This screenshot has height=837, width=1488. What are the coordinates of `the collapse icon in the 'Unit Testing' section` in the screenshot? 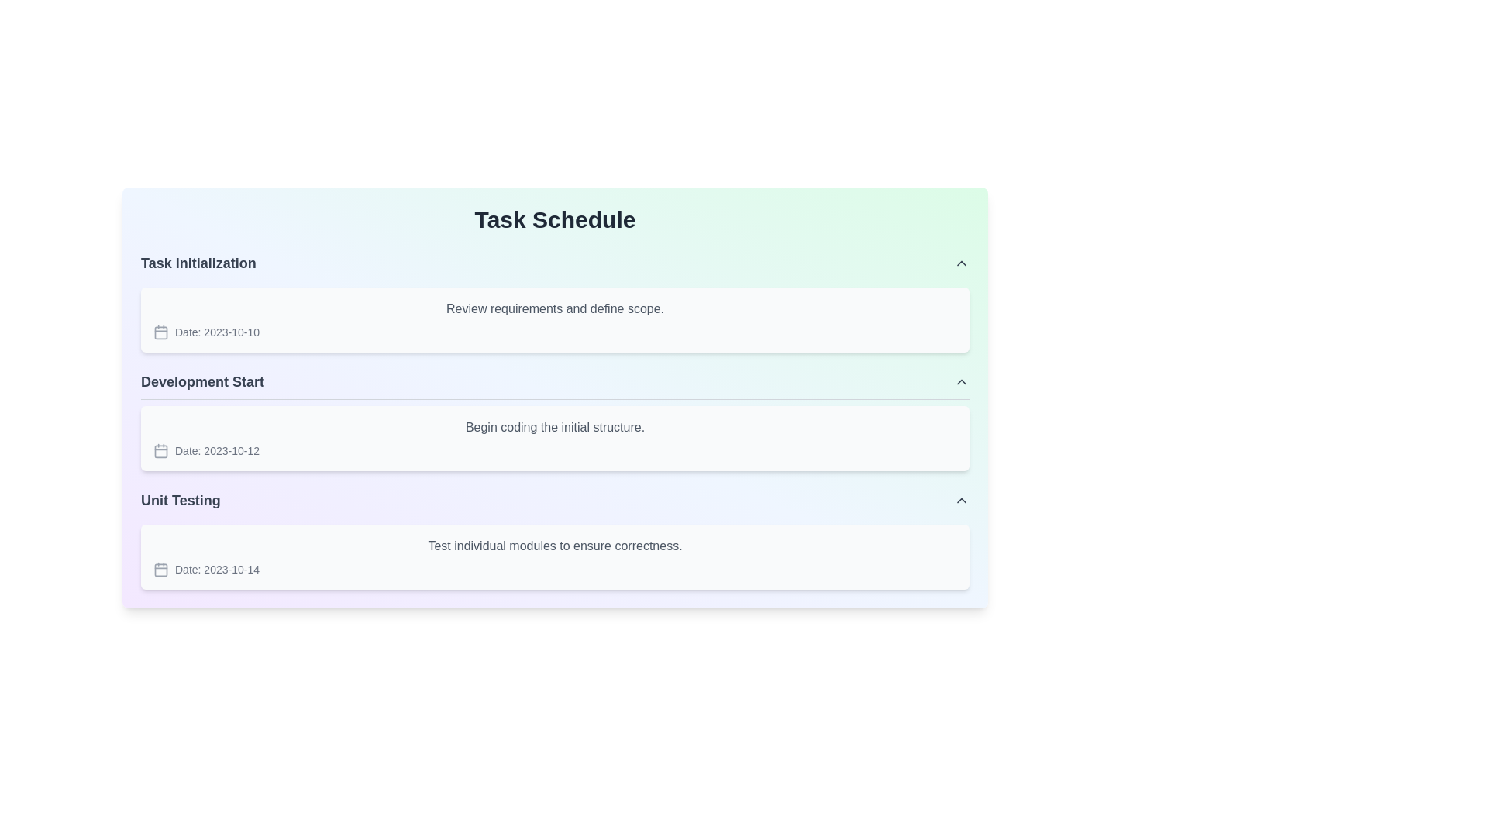 It's located at (961, 500).